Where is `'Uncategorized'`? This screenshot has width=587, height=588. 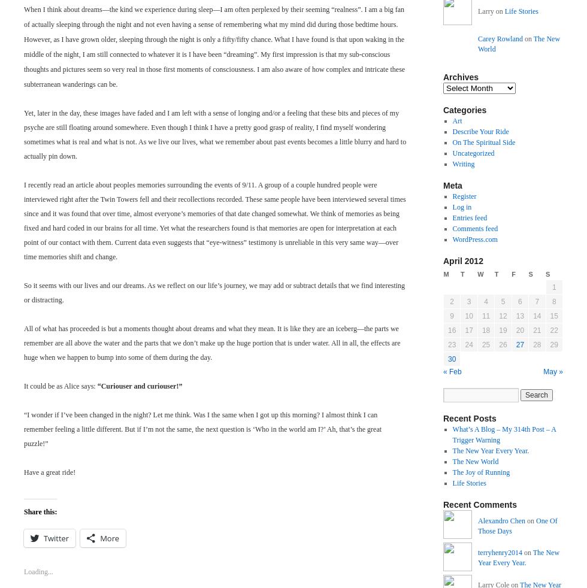 'Uncategorized' is located at coordinates (452, 153).